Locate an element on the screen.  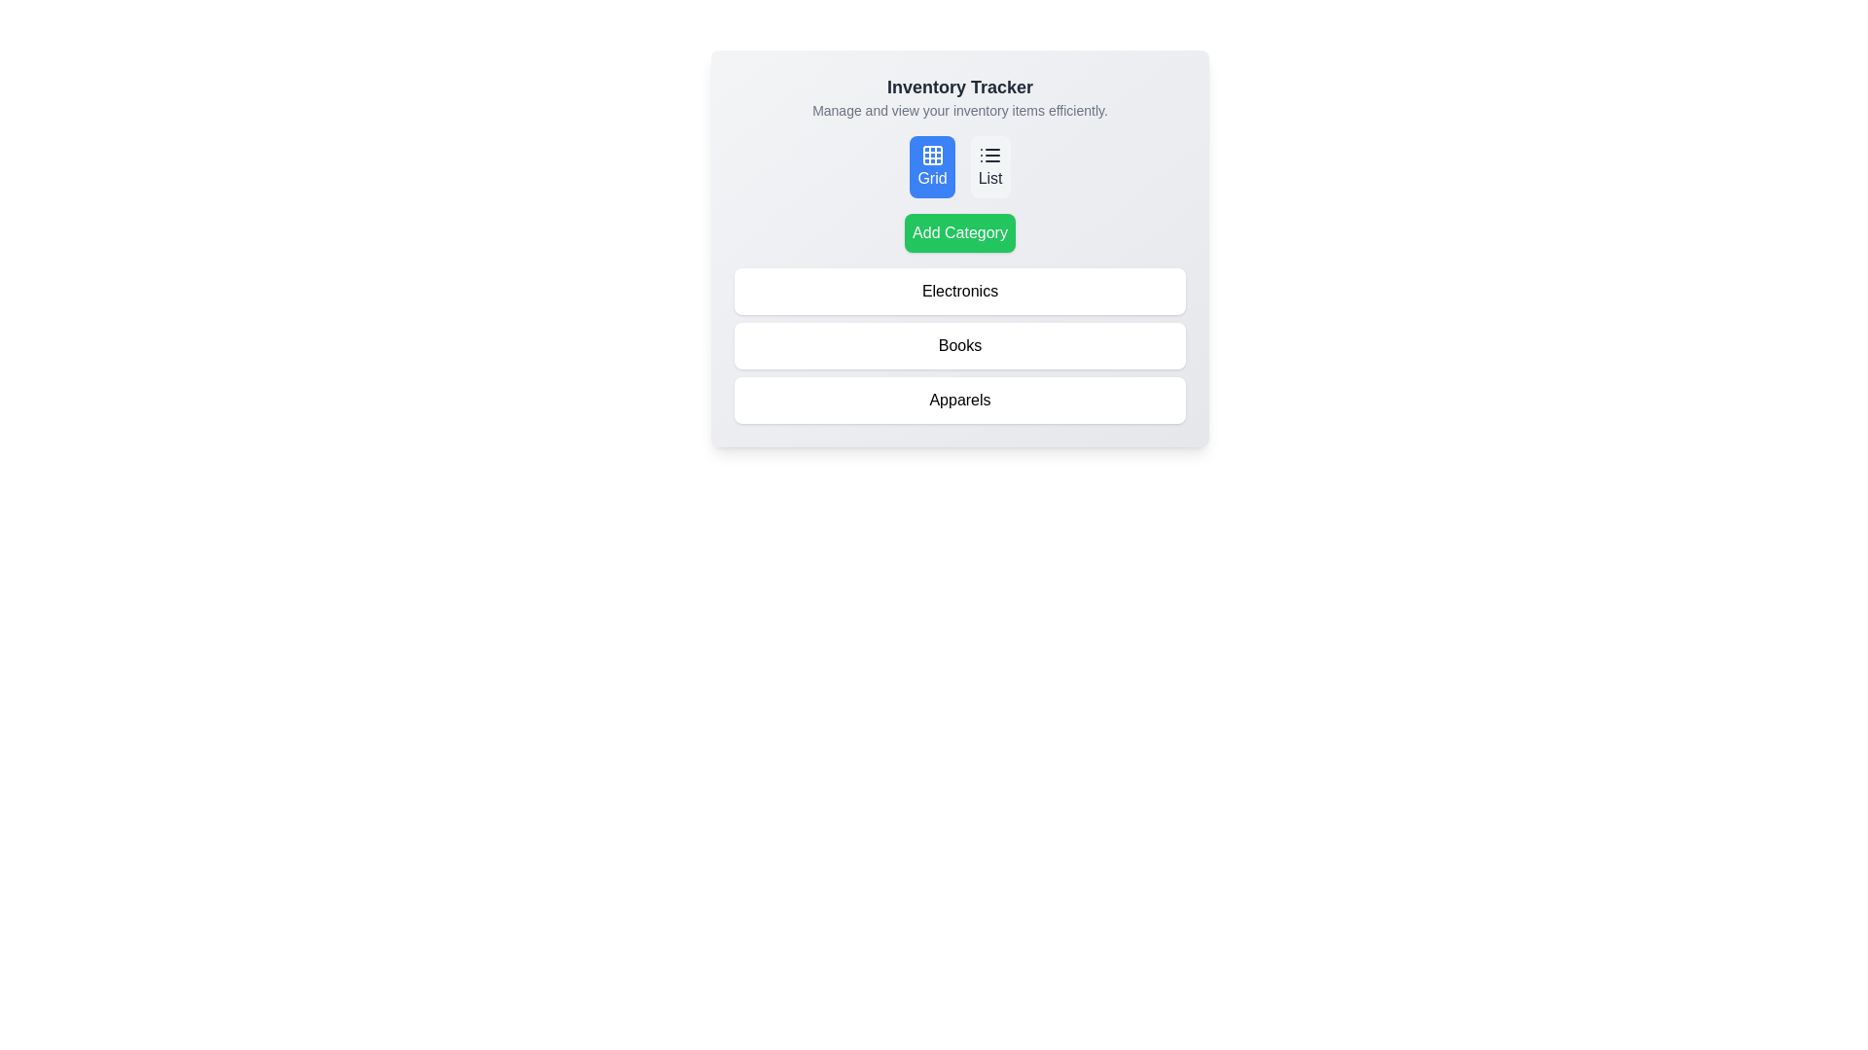
the 'List' button on the Toggle control is located at coordinates (960, 166).